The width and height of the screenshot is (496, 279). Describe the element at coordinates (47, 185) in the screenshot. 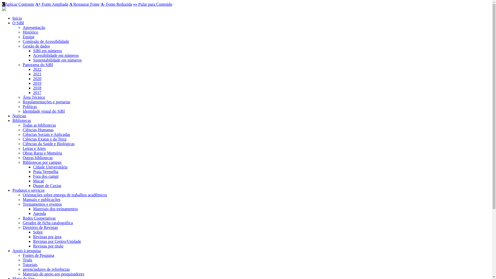

I see `'Duque de Caxias'` at that location.